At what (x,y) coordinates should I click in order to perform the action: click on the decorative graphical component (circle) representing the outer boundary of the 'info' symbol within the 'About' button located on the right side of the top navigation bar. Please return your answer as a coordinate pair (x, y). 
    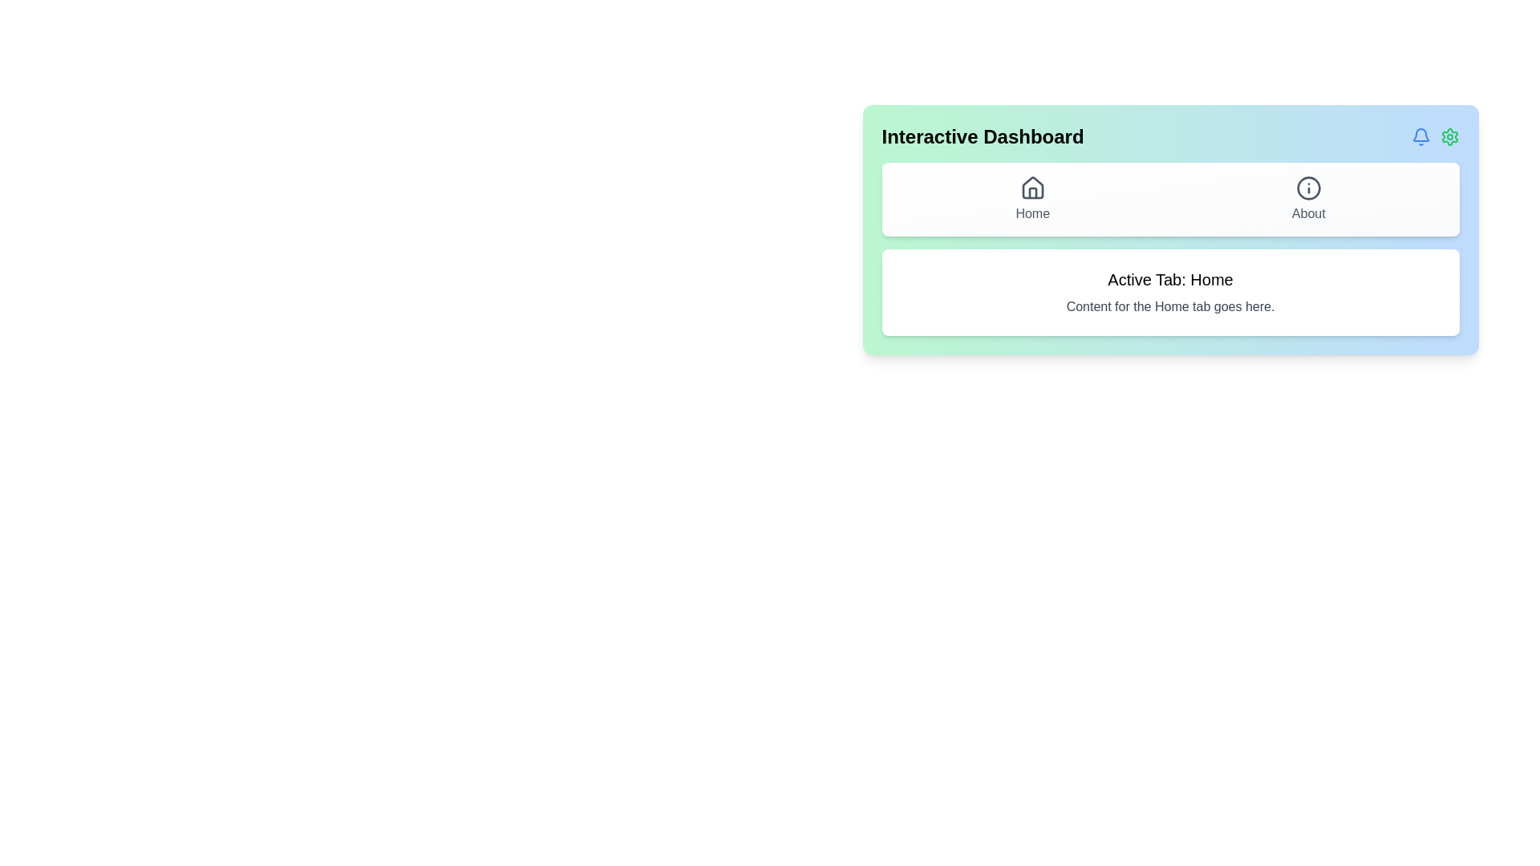
    Looking at the image, I should click on (1308, 188).